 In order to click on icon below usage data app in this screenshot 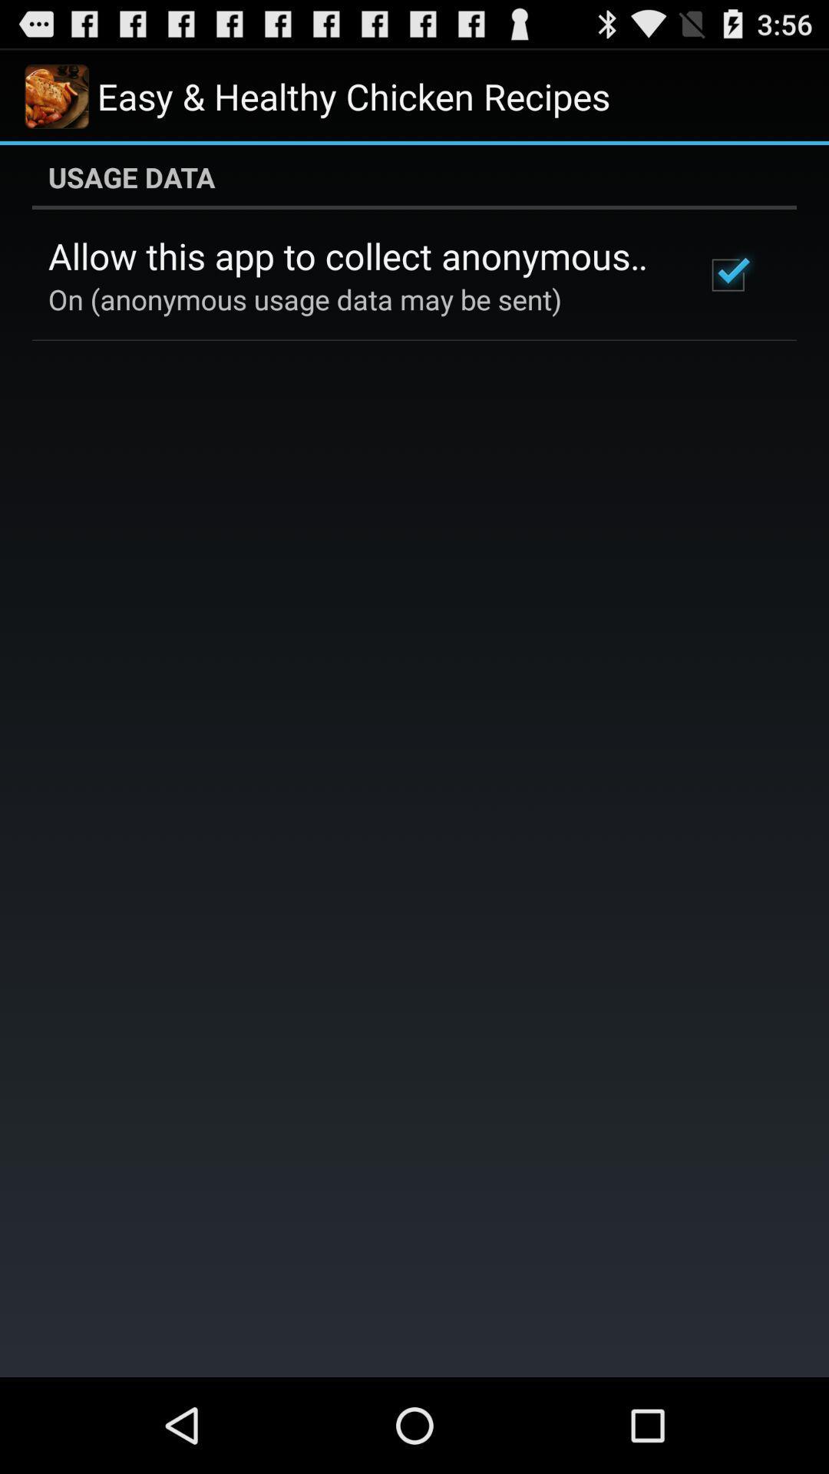, I will do `click(355, 256)`.